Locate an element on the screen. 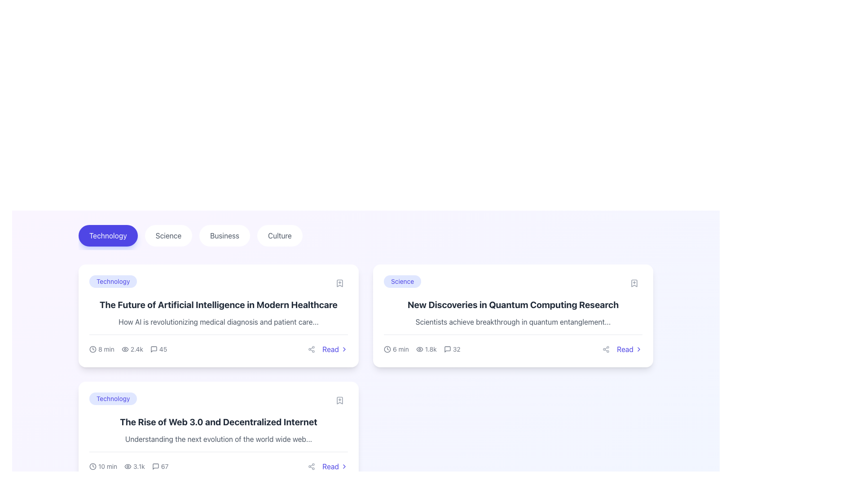 The image size is (862, 485). the second button in the navigation bar is located at coordinates (168, 235).